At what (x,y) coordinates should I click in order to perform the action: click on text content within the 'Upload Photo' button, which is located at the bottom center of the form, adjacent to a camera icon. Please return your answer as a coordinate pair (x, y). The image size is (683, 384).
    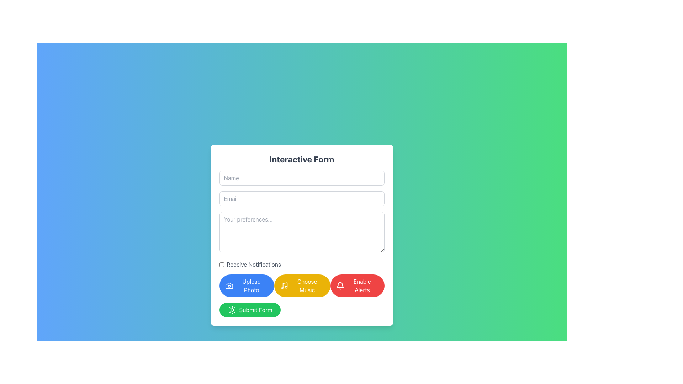
    Looking at the image, I should click on (252, 285).